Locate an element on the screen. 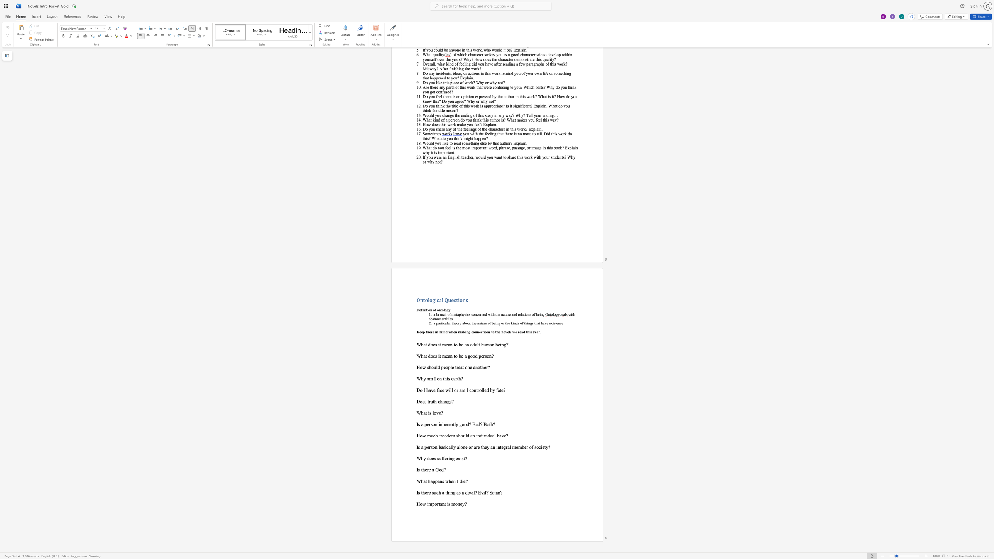 Image resolution: width=994 pixels, height=559 pixels. the space between the continuous character "a" and "n" in the text is located at coordinates (450, 356).